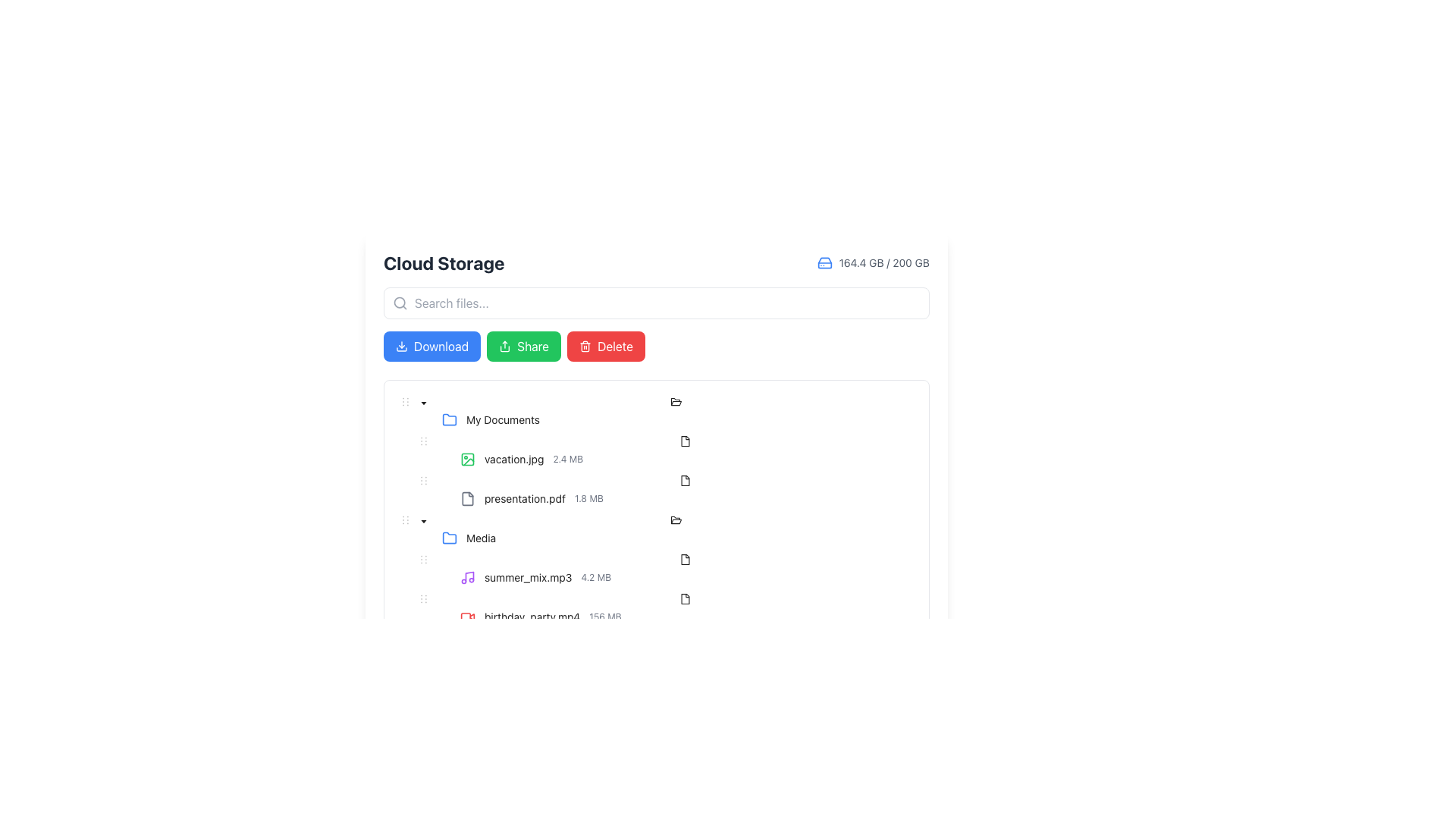 Image resolution: width=1456 pixels, height=819 pixels. I want to click on the 'Delete' icon located in the red 'Delete' button towards the right in the header section, so click(585, 346).